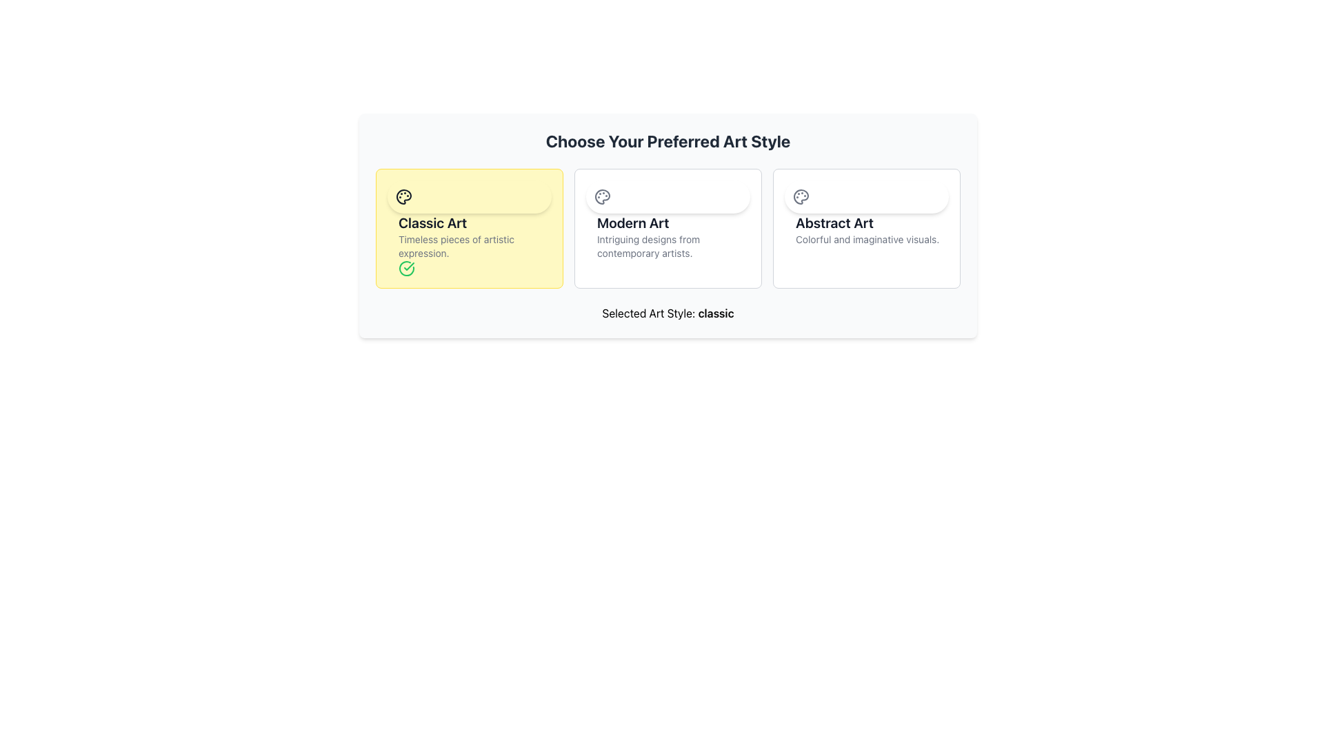 The height and width of the screenshot is (744, 1324). What do you see at coordinates (872, 238) in the screenshot?
I see `the Text Label displaying 'Colorful and imaginative visuals' which is positioned below the title 'Abstract Art' in the card-like UI element` at bounding box center [872, 238].